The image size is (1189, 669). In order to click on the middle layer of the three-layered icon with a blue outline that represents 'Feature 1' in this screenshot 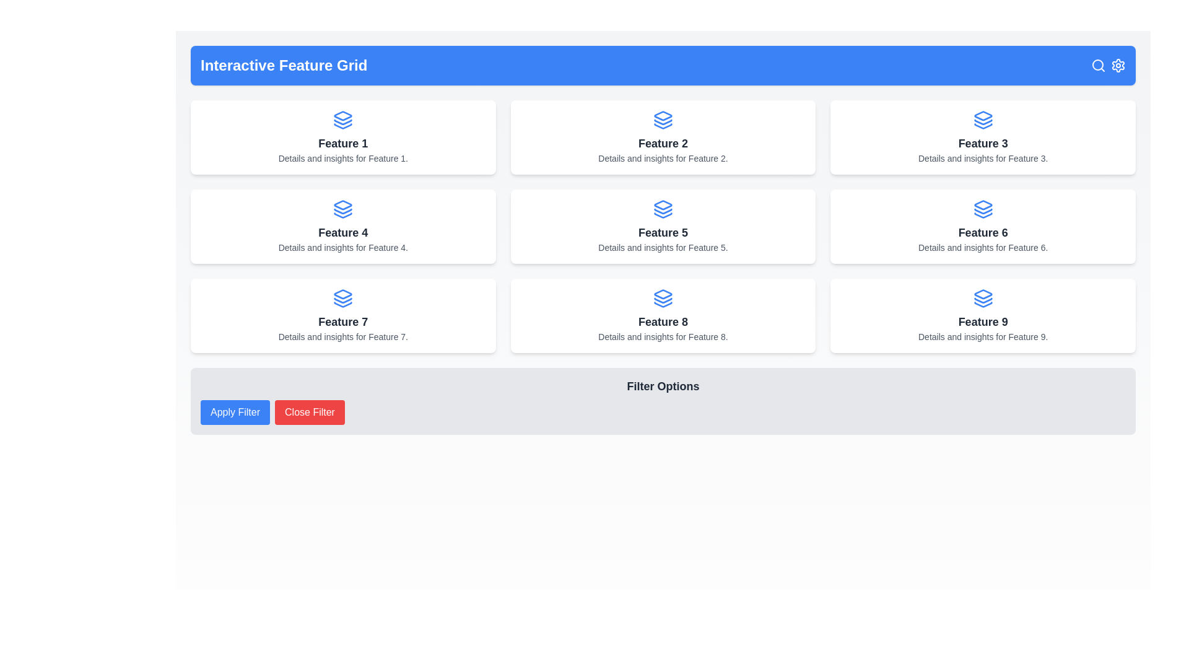, I will do `click(343, 122)`.